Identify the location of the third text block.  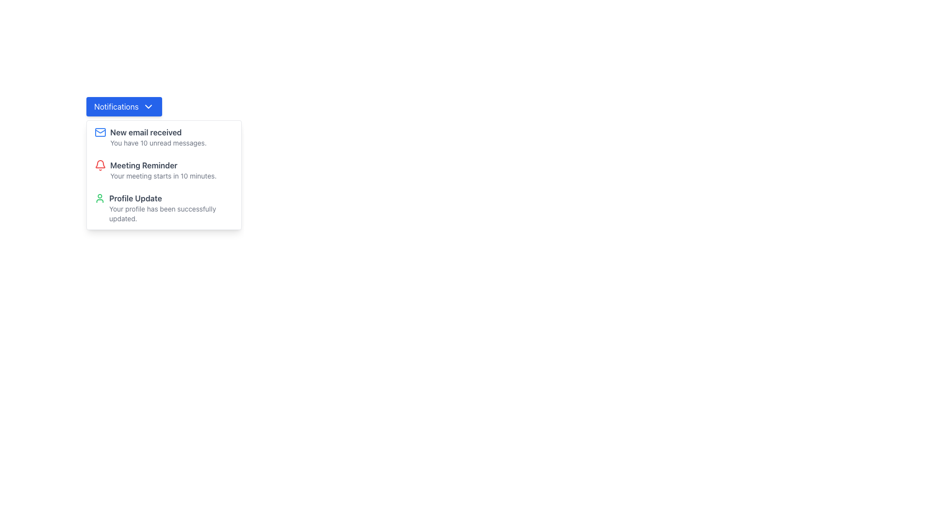
(171, 207).